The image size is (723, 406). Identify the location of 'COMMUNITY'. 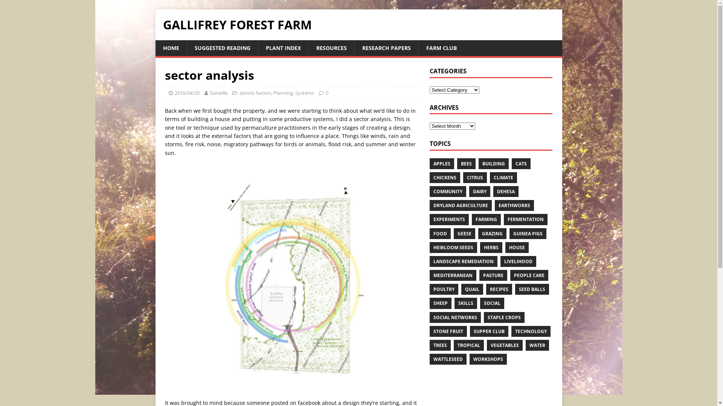
(430, 191).